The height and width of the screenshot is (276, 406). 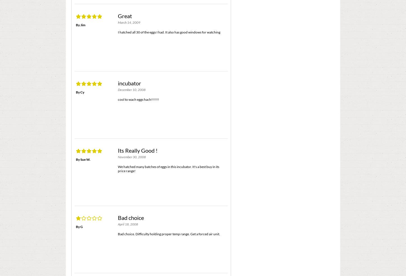 What do you see at coordinates (83, 159) in the screenshot?
I see `'By Sue W.'` at bounding box center [83, 159].